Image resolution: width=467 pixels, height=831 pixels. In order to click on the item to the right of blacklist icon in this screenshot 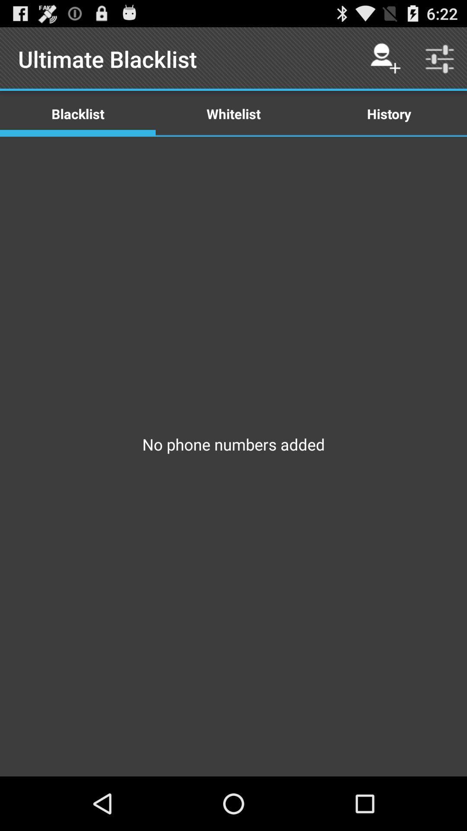, I will do `click(233, 113)`.